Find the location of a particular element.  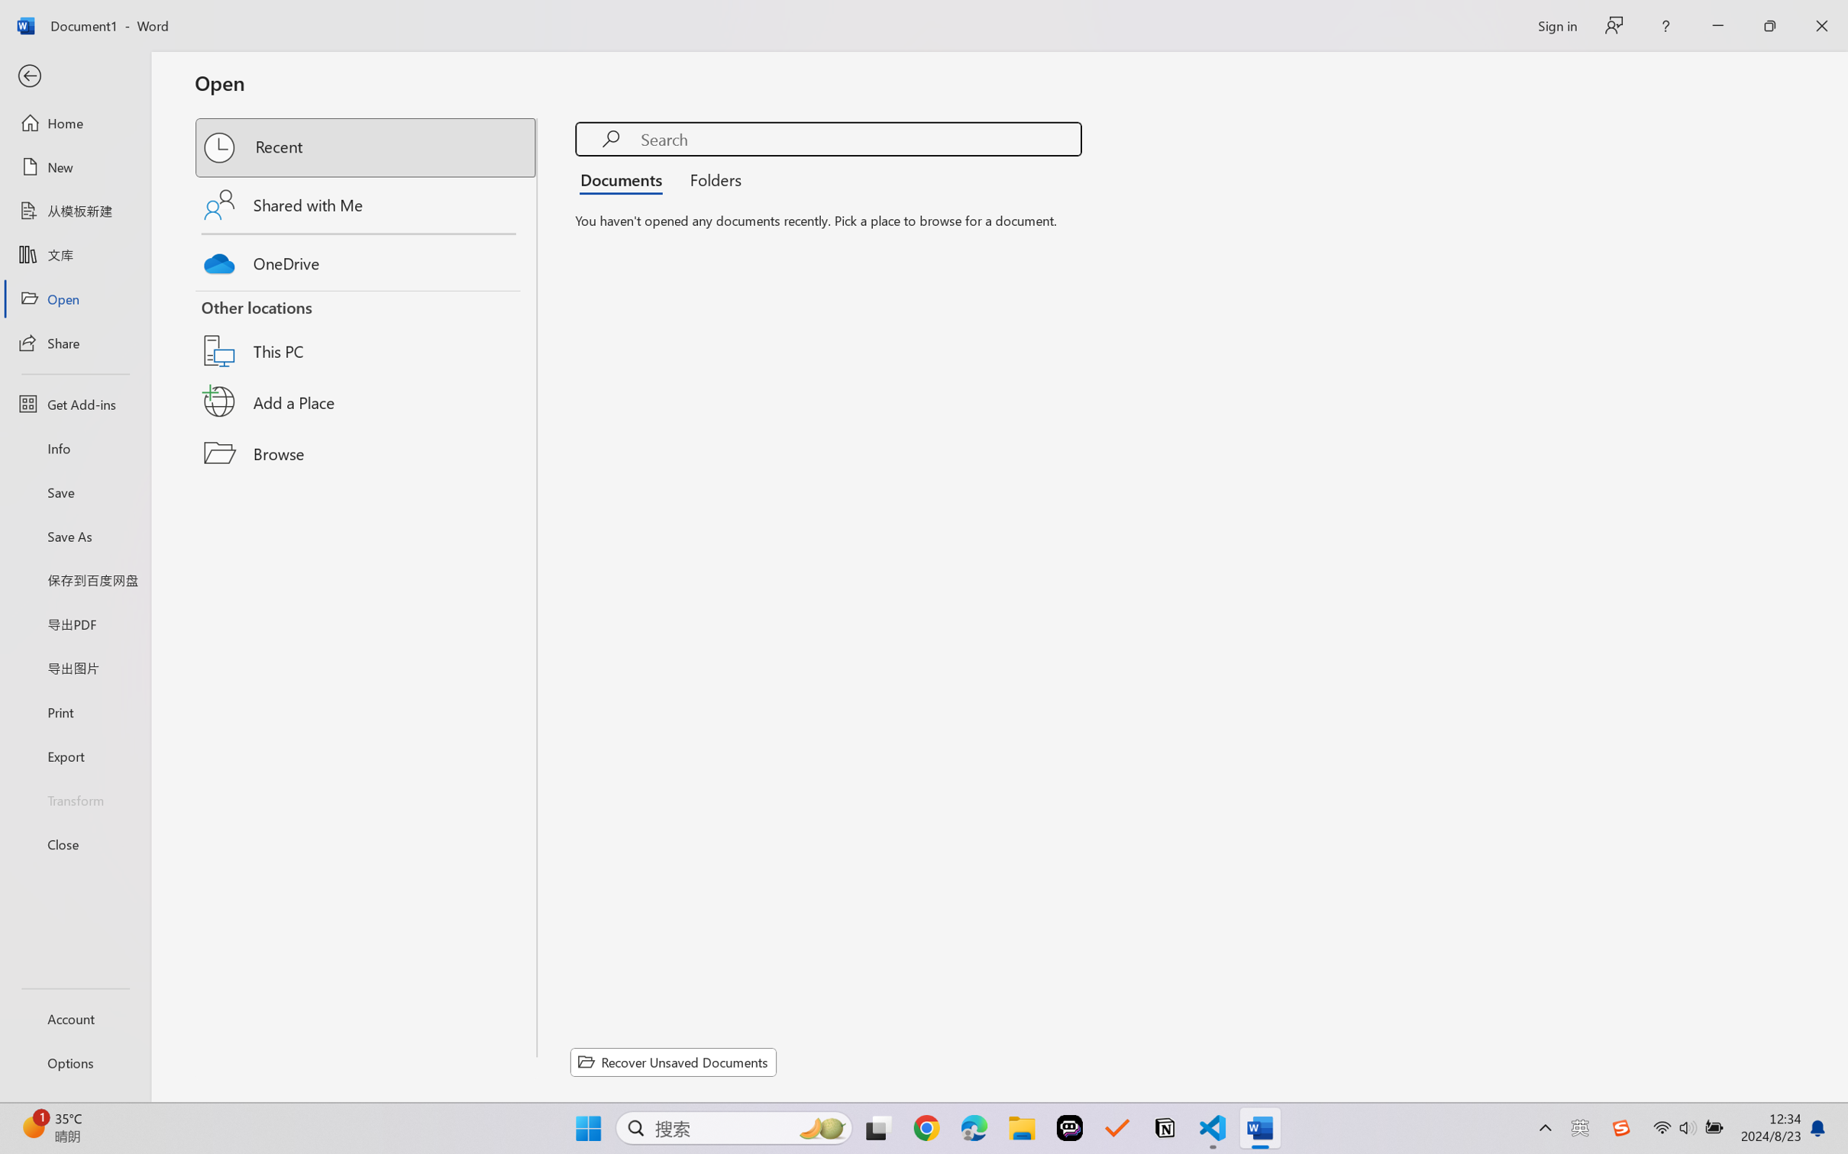

'This PC' is located at coordinates (367, 332).